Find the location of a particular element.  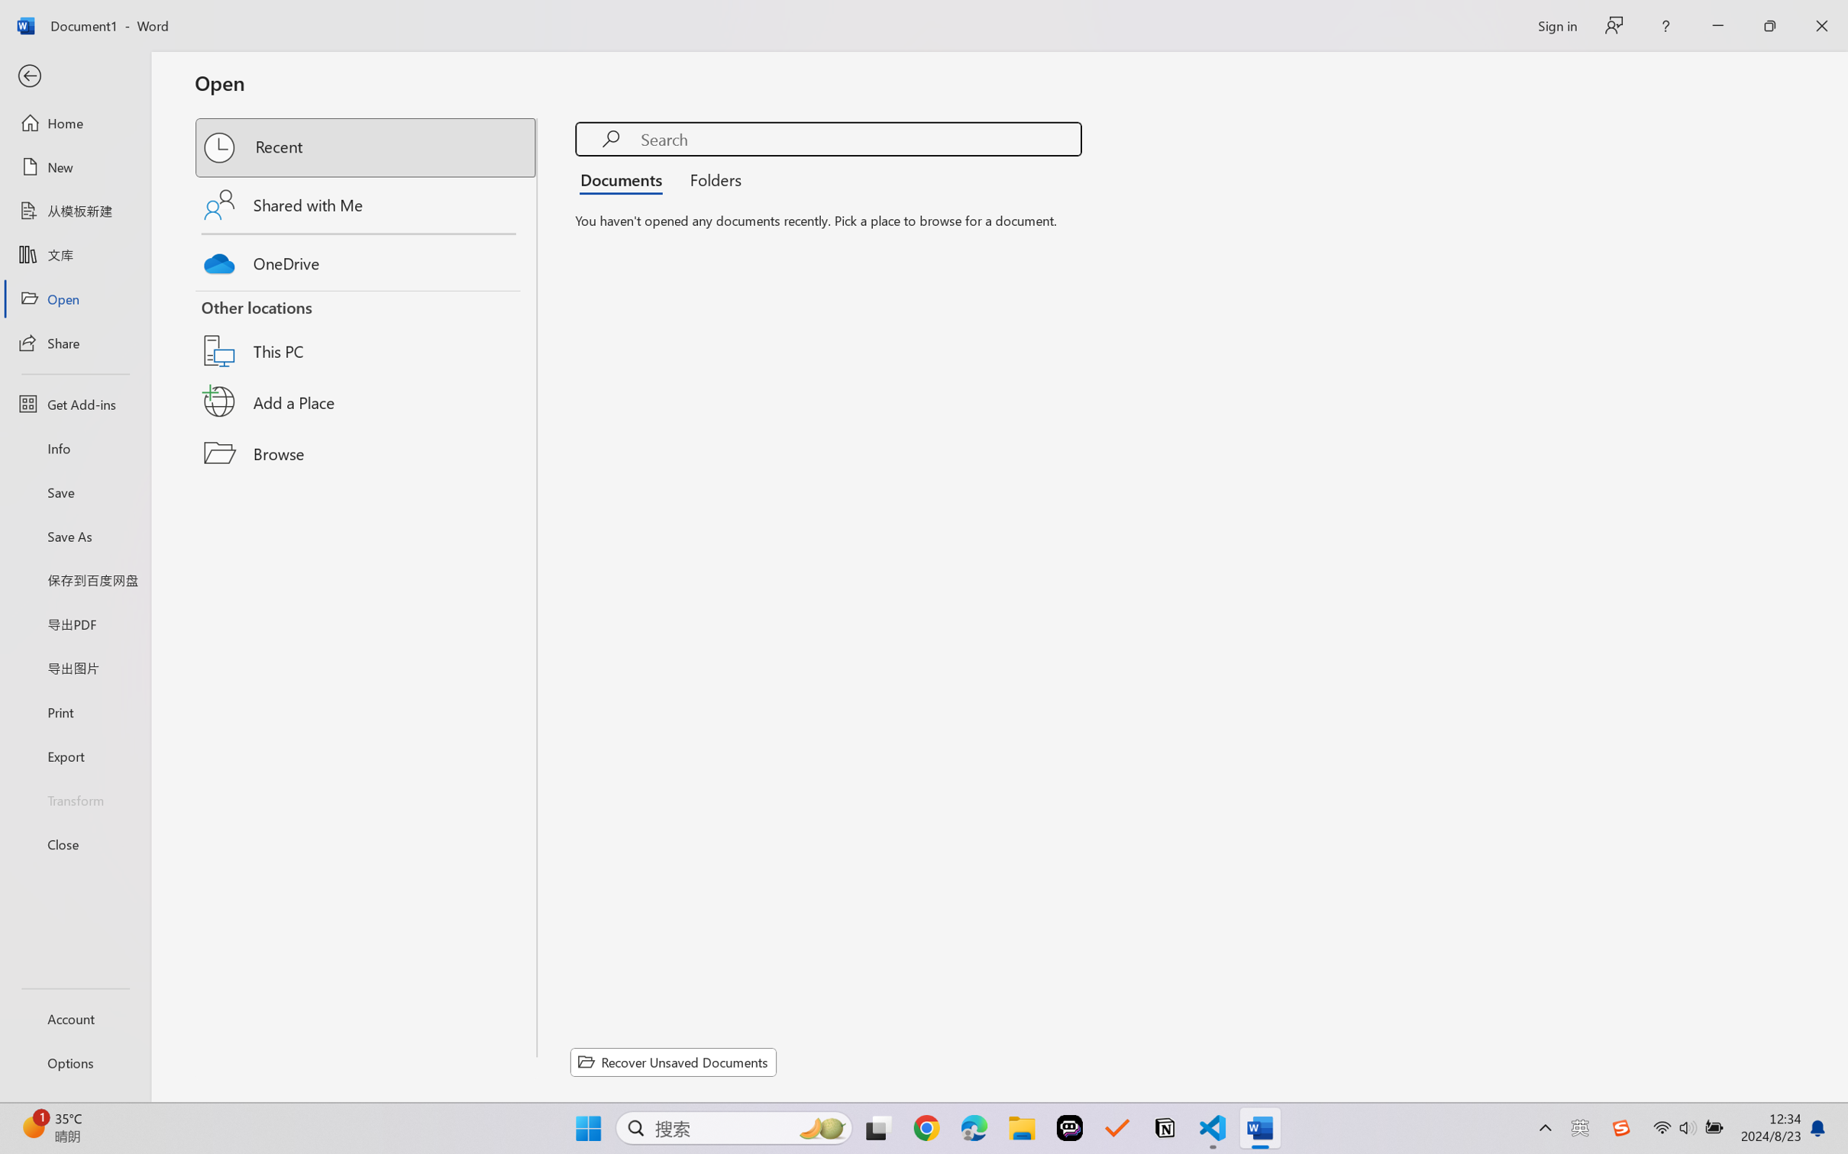

'This PC' is located at coordinates (367, 332).